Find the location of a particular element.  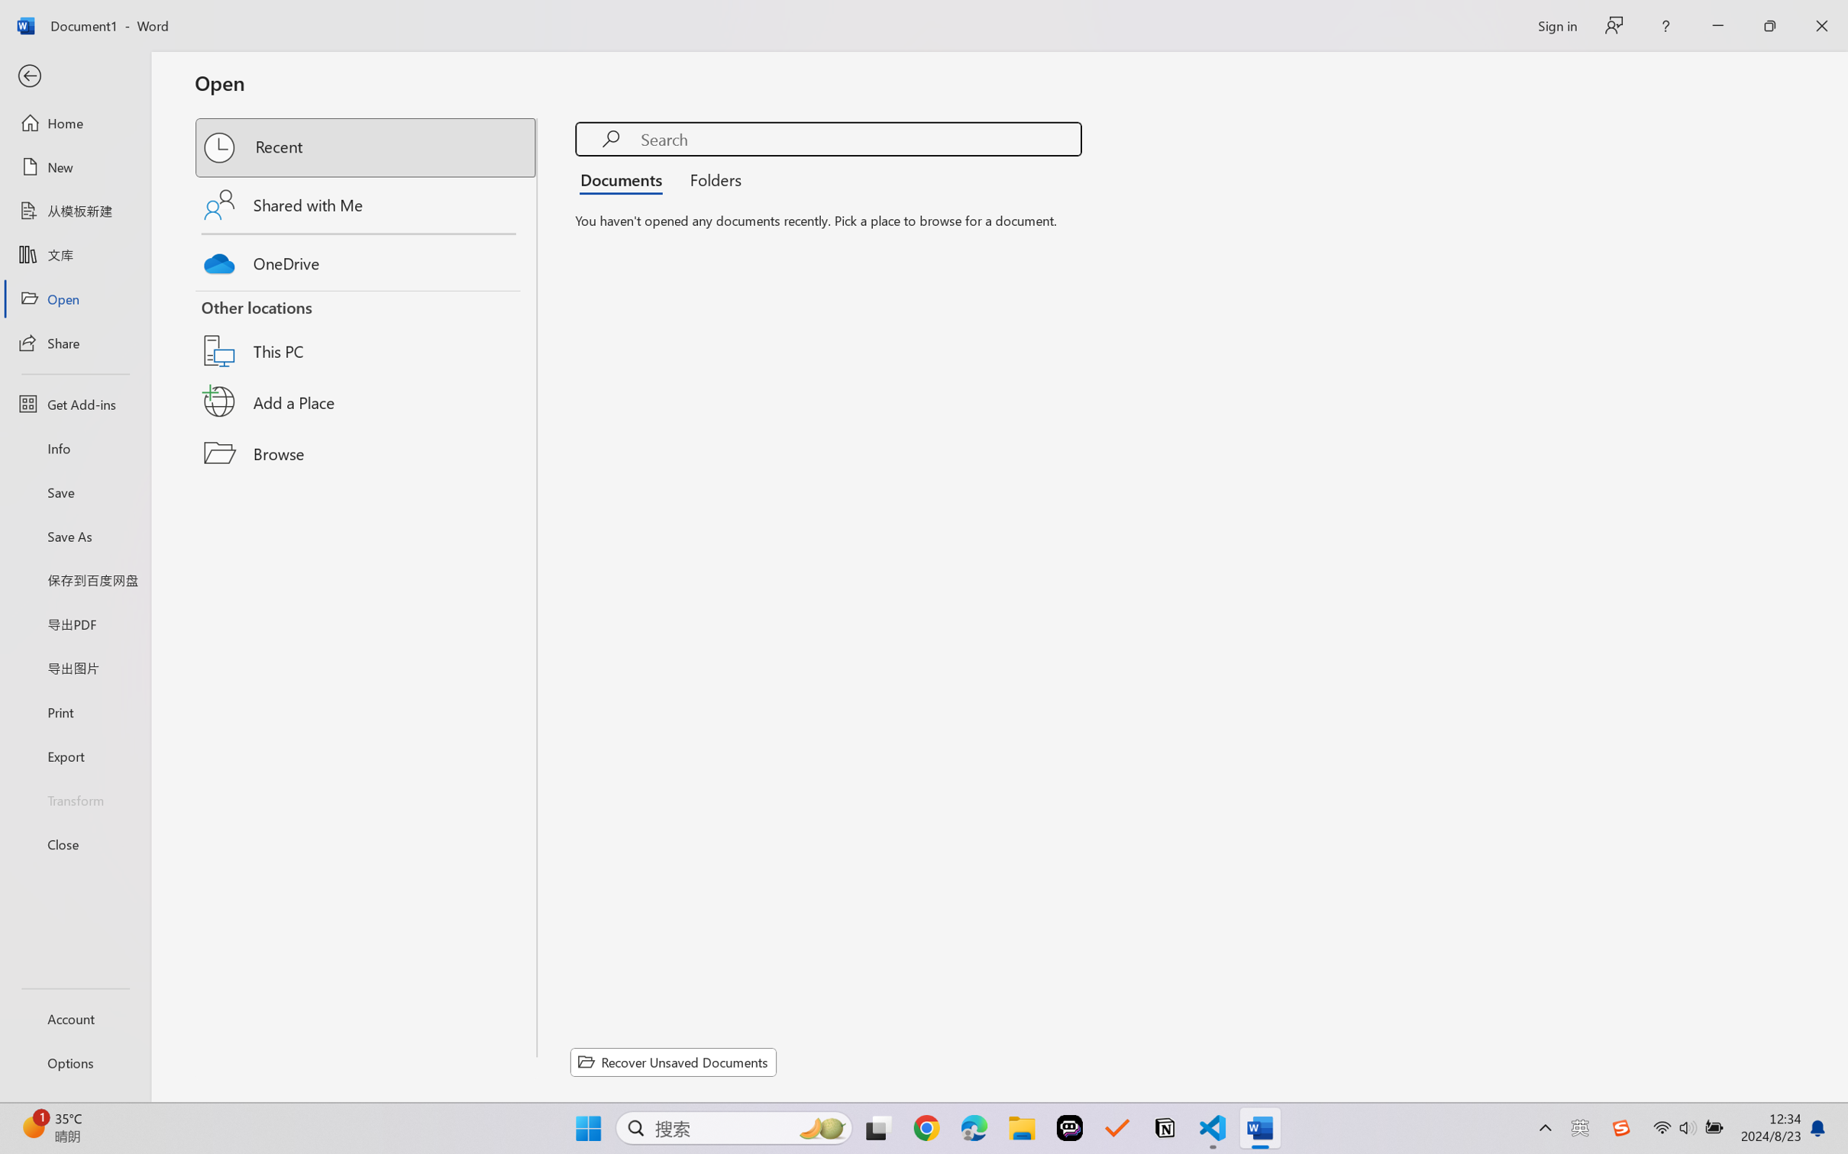

'This PC' is located at coordinates (367, 332).